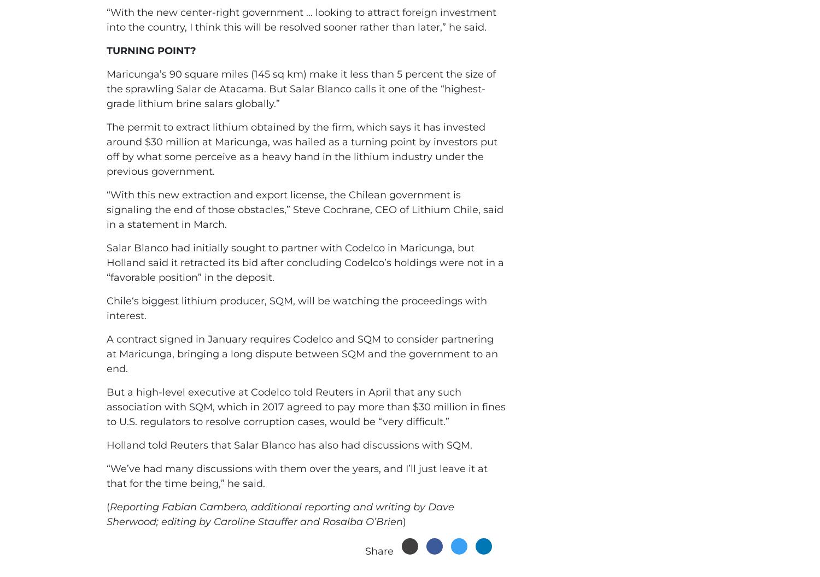 Image resolution: width=820 pixels, height=577 pixels. I want to click on 'Salar Blanco had initially sought to partner with Codelco in Maricunga, but Holland said it retracted its bid after concluding Codelco’s holdings were not in a “favorable position” in the deposit.', so click(305, 262).